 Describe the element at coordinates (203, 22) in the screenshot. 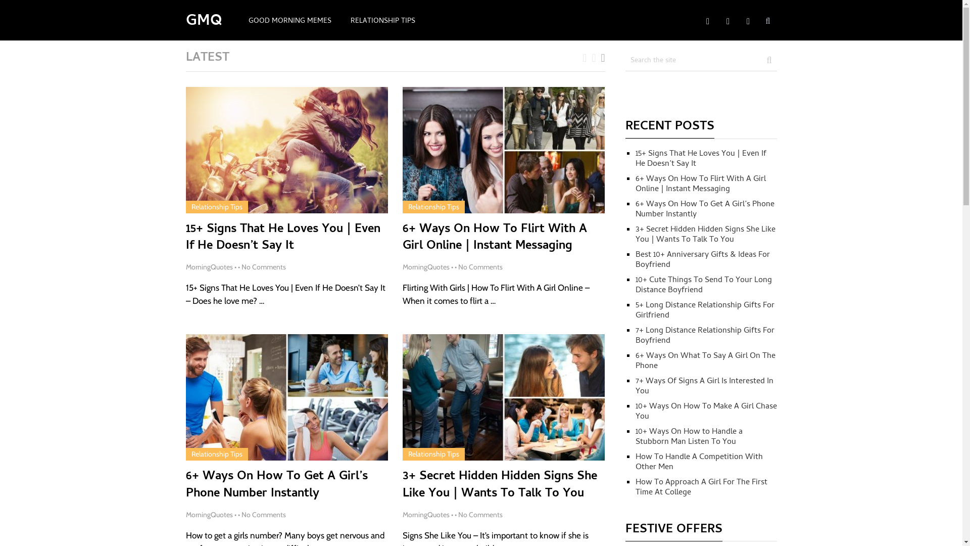

I see `'GMQ'` at that location.